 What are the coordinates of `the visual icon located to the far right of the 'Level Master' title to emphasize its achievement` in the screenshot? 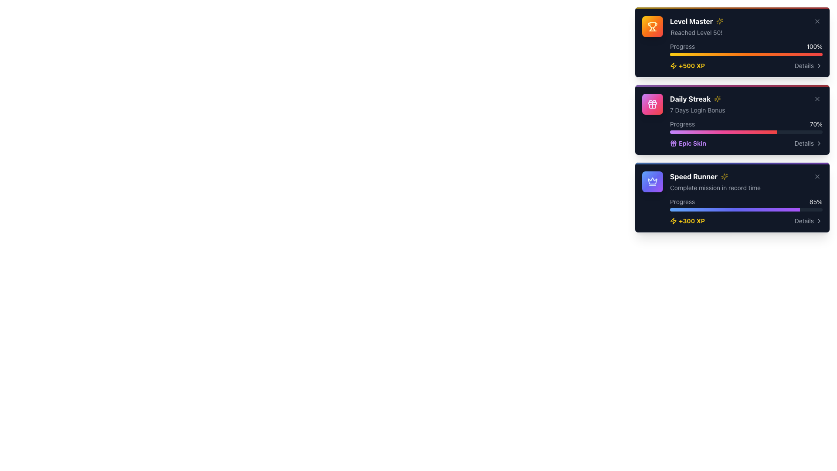 It's located at (720, 21).